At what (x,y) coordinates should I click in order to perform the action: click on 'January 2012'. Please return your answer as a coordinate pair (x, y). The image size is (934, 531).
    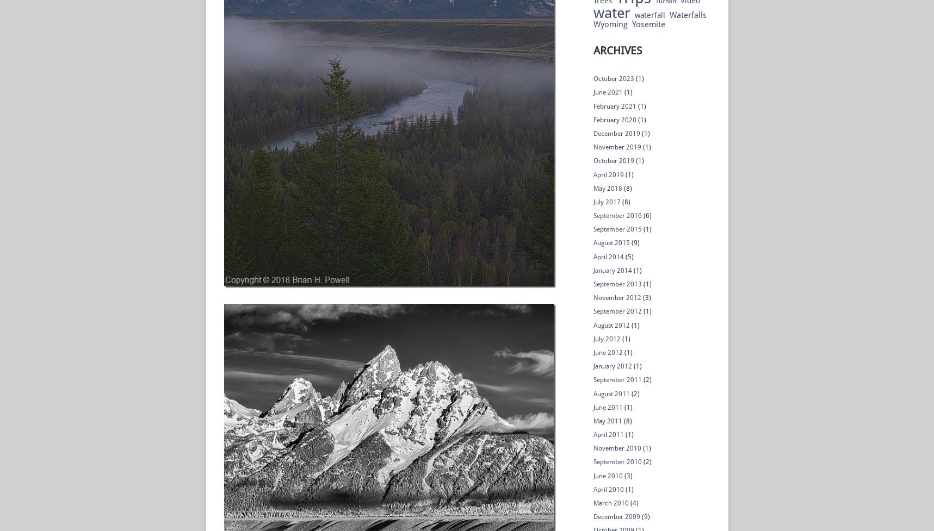
    Looking at the image, I should click on (612, 366).